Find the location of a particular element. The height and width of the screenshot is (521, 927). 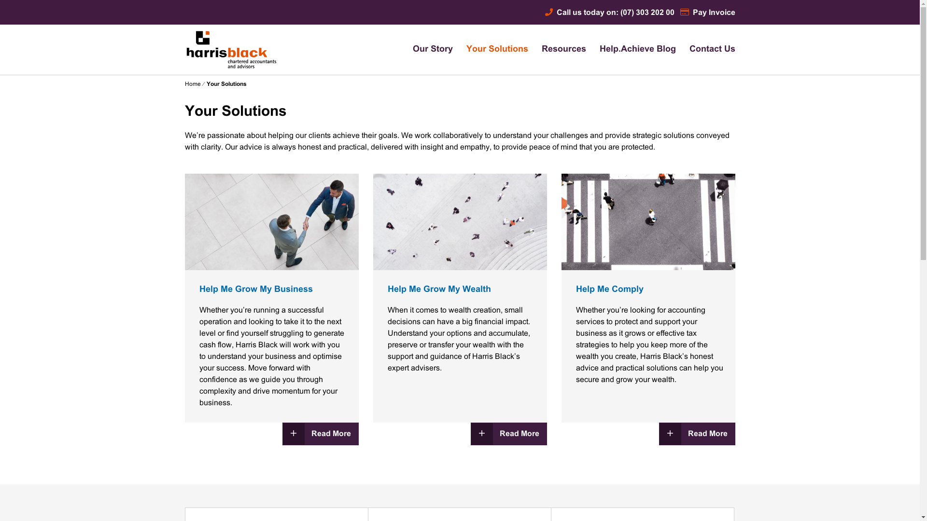

'Help.Achieve Blog' is located at coordinates (637, 50).